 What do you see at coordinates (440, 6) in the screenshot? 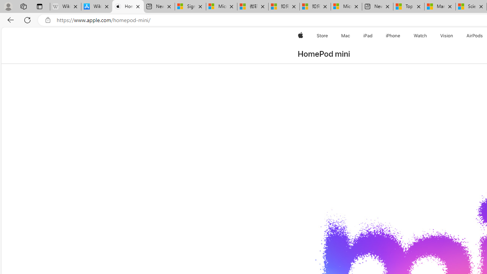
I see `'Marine life - MSN'` at bounding box center [440, 6].